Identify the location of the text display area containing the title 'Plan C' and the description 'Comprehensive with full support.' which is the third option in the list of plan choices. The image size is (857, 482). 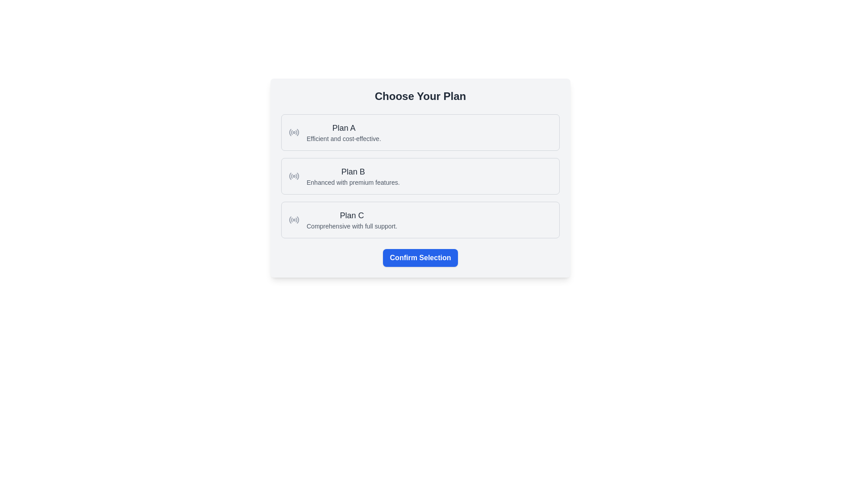
(351, 220).